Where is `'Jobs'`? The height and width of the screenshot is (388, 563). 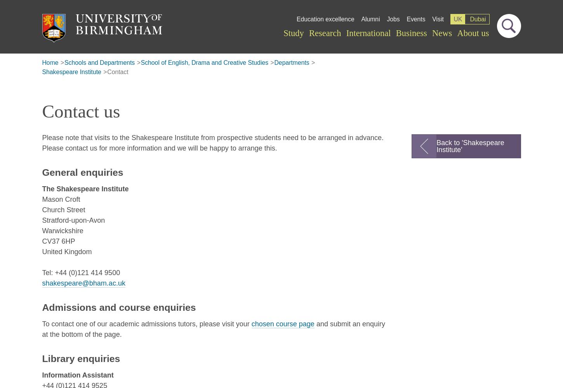
'Jobs' is located at coordinates (393, 19).